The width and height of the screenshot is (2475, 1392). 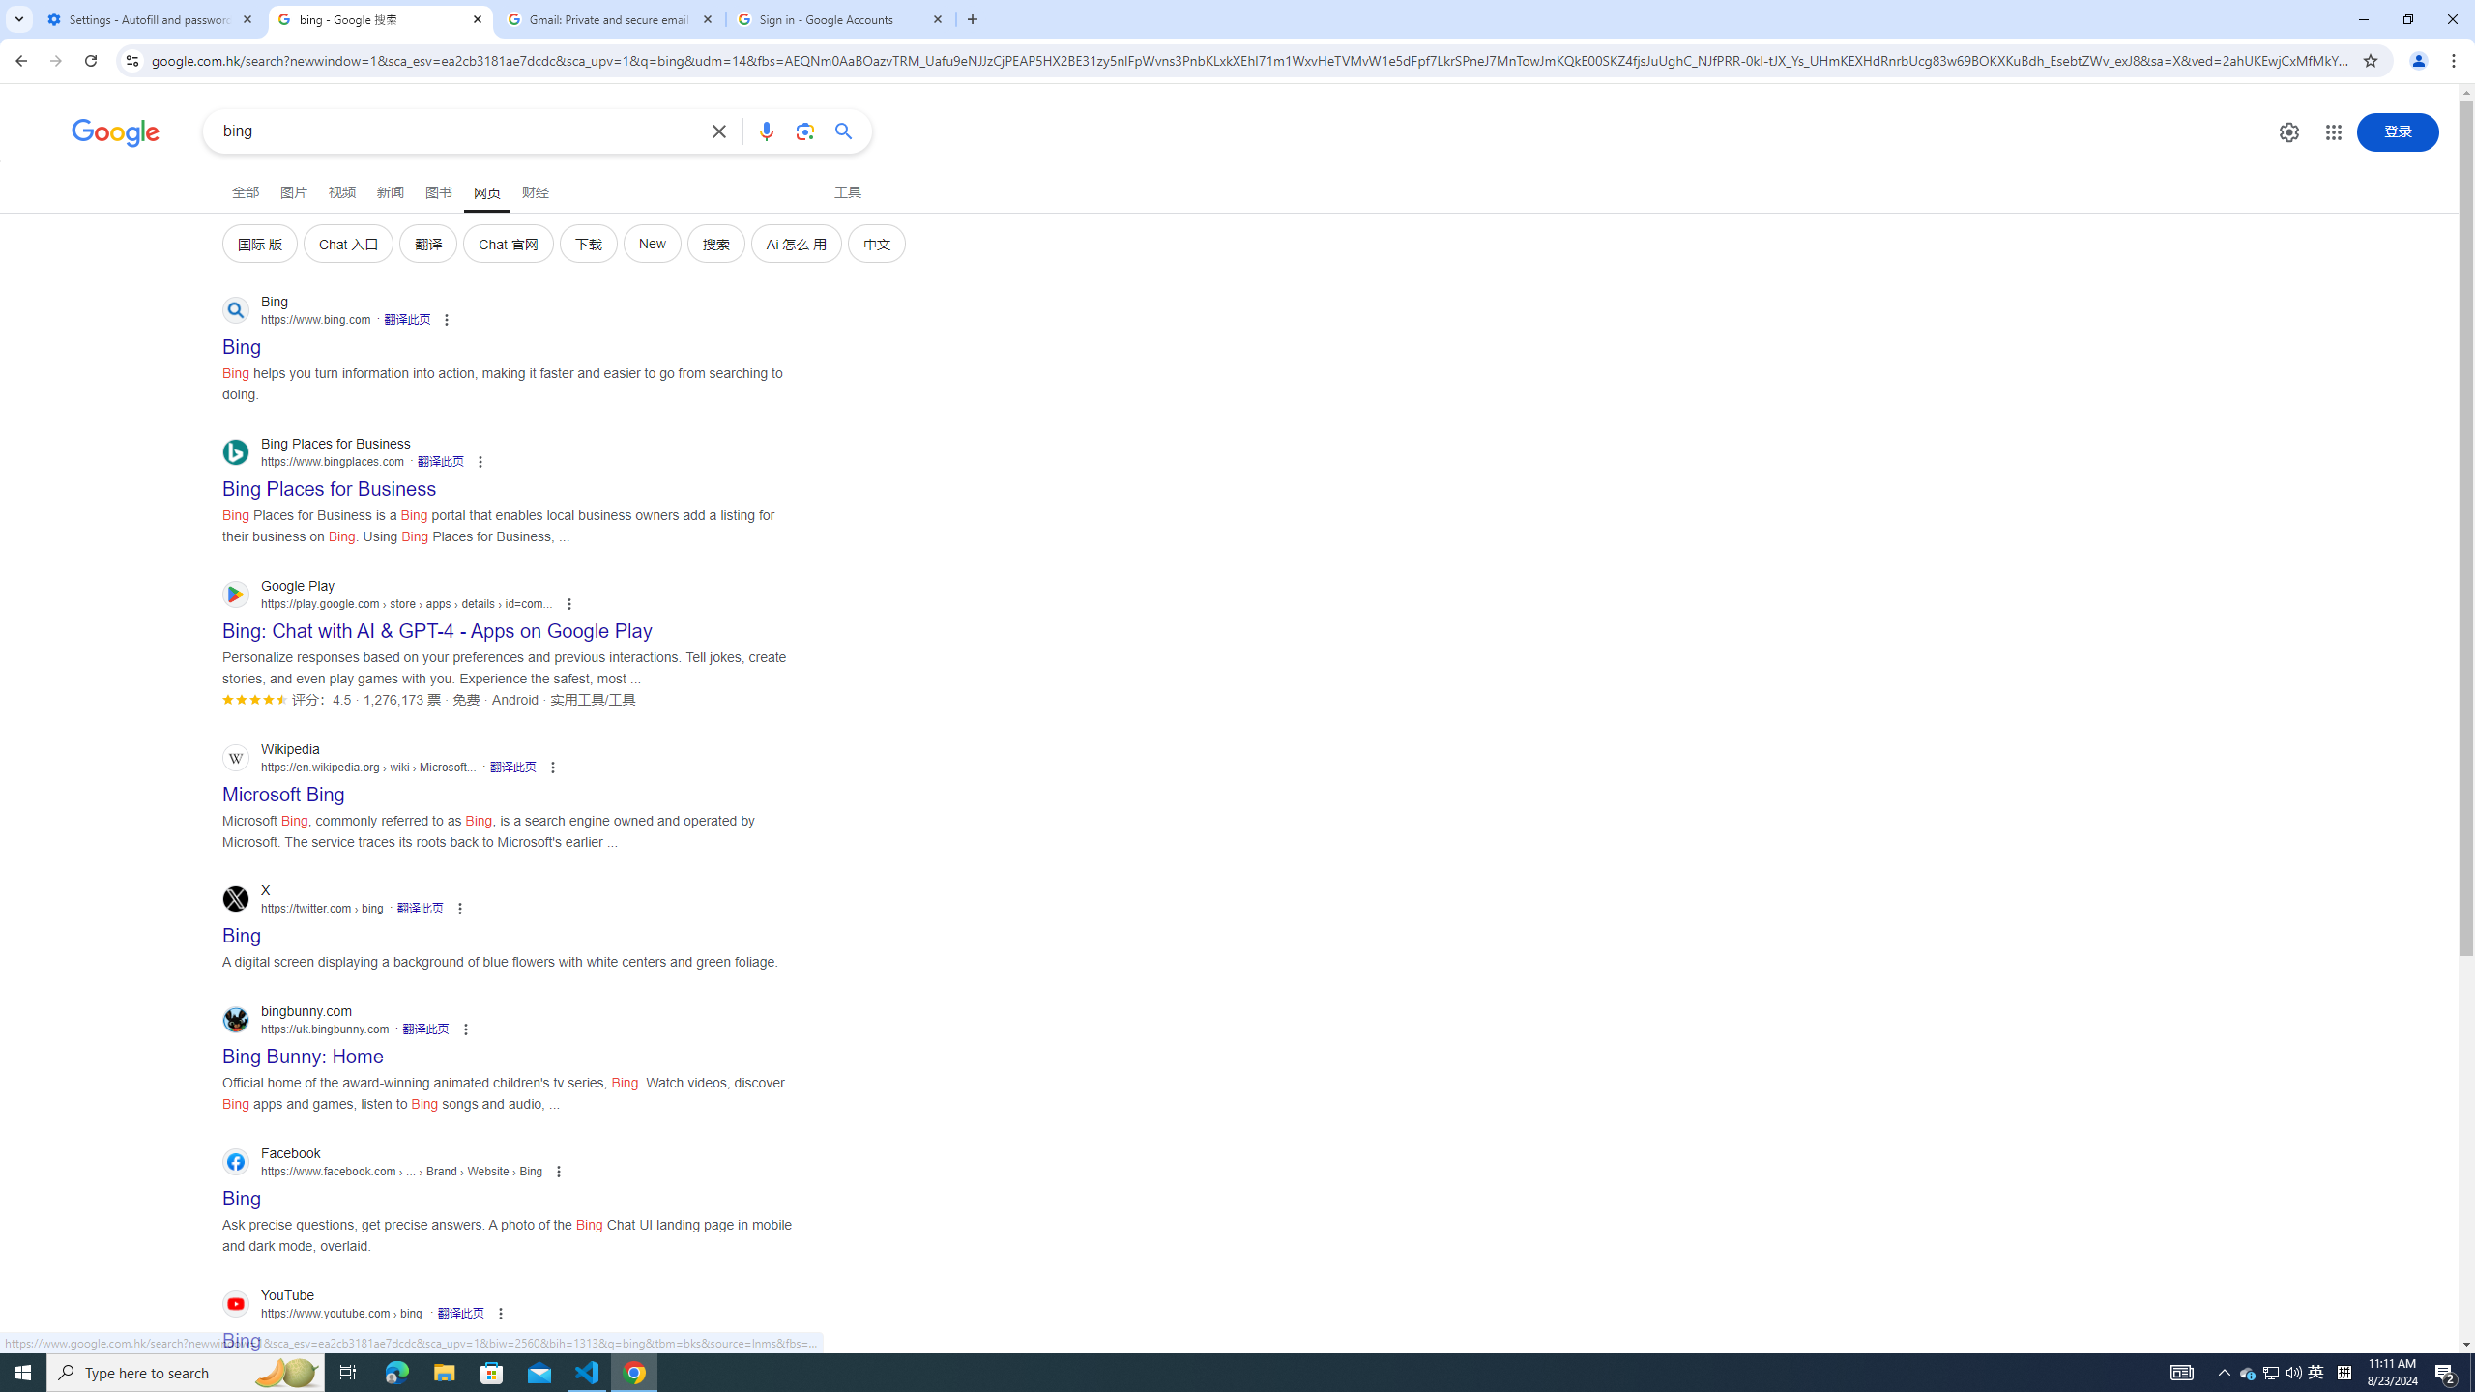 What do you see at coordinates (150, 18) in the screenshot?
I see `'Settings - Autofill and passwords'` at bounding box center [150, 18].